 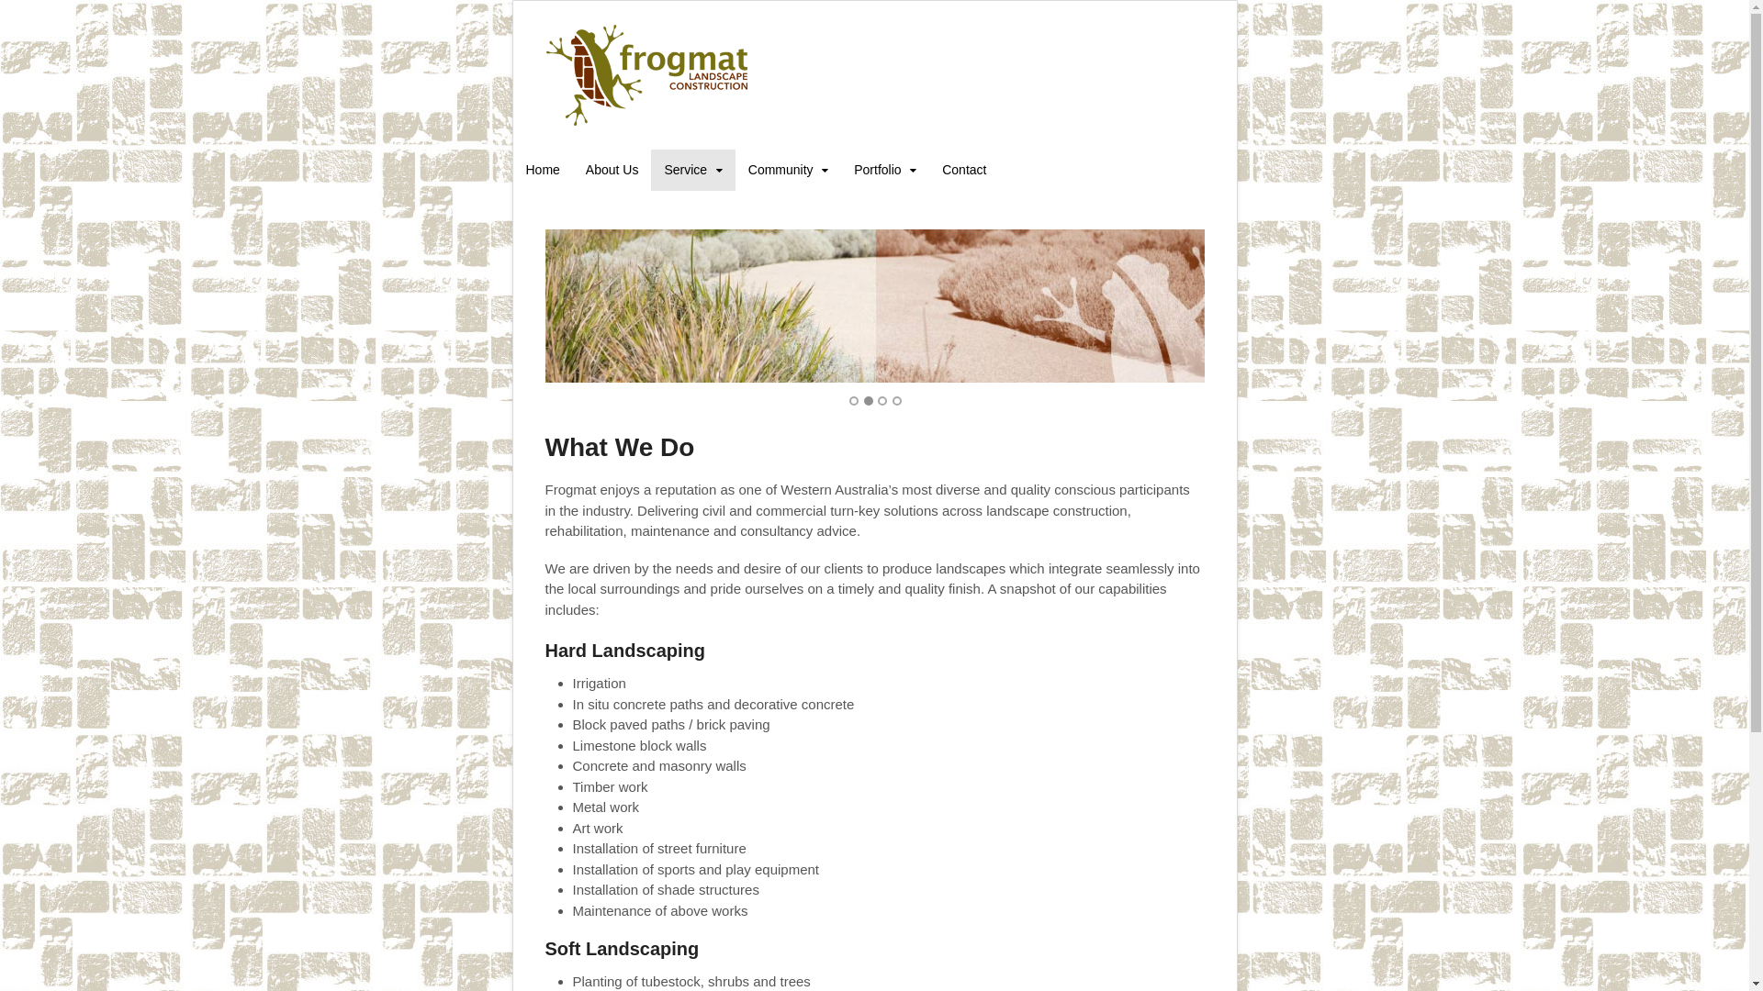 What do you see at coordinates (963, 170) in the screenshot?
I see `'Contact'` at bounding box center [963, 170].